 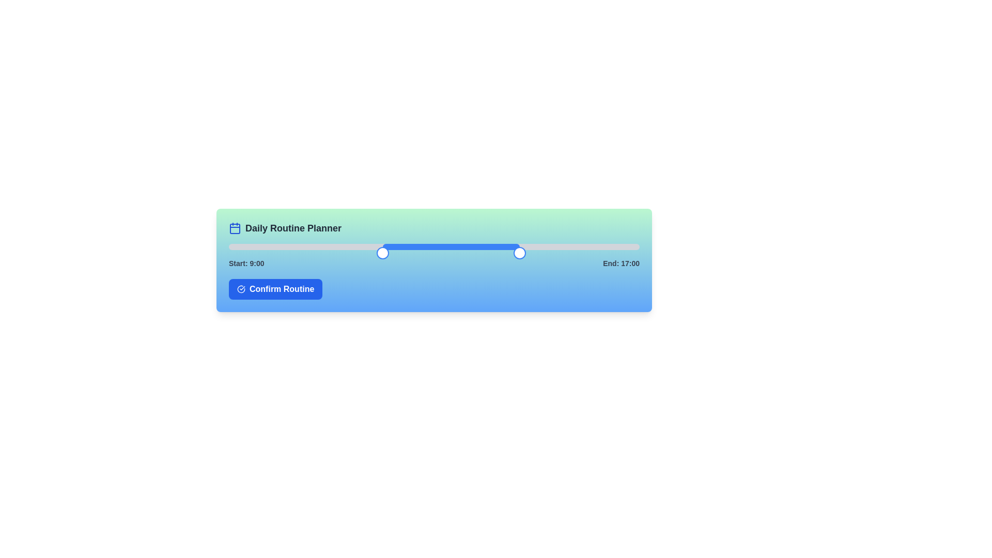 I want to click on the confirmation icon located to the left of the 'Confirm Routine' text in the interactive button at the lower-left corner of the interface, so click(x=240, y=289).